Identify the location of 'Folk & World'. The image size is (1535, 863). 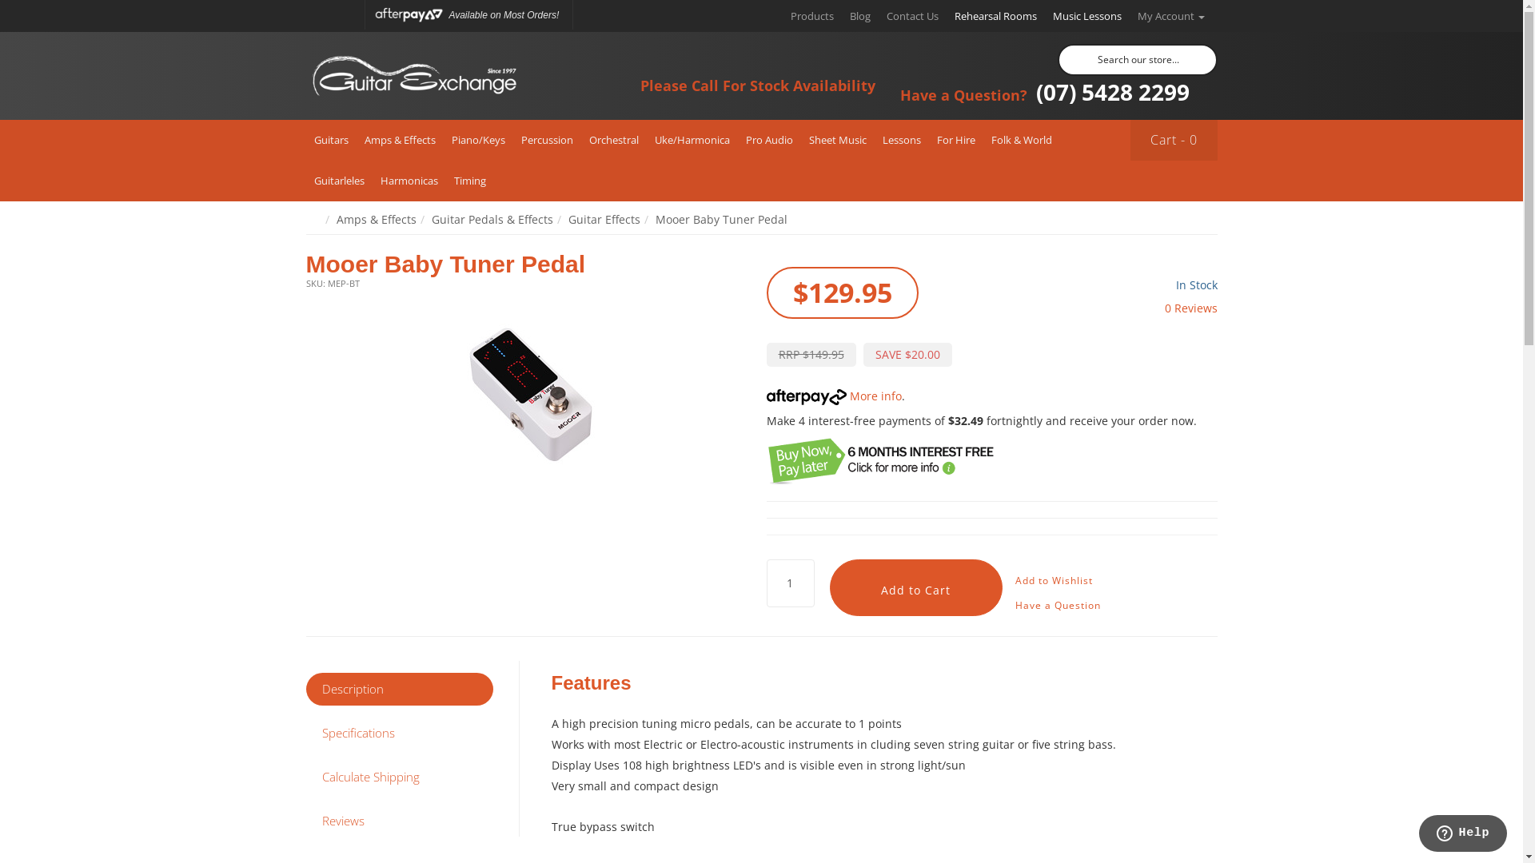
(1020, 139).